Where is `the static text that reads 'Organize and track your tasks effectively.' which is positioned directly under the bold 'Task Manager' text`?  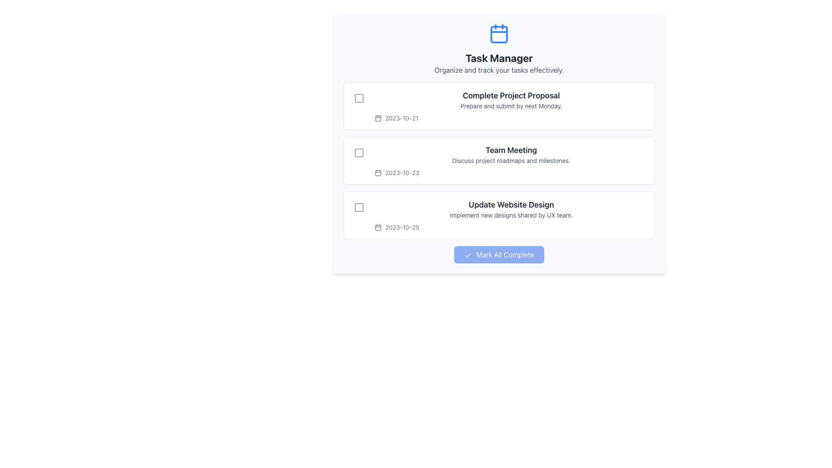 the static text that reads 'Organize and track your tasks effectively.' which is positioned directly under the bold 'Task Manager' text is located at coordinates (499, 70).